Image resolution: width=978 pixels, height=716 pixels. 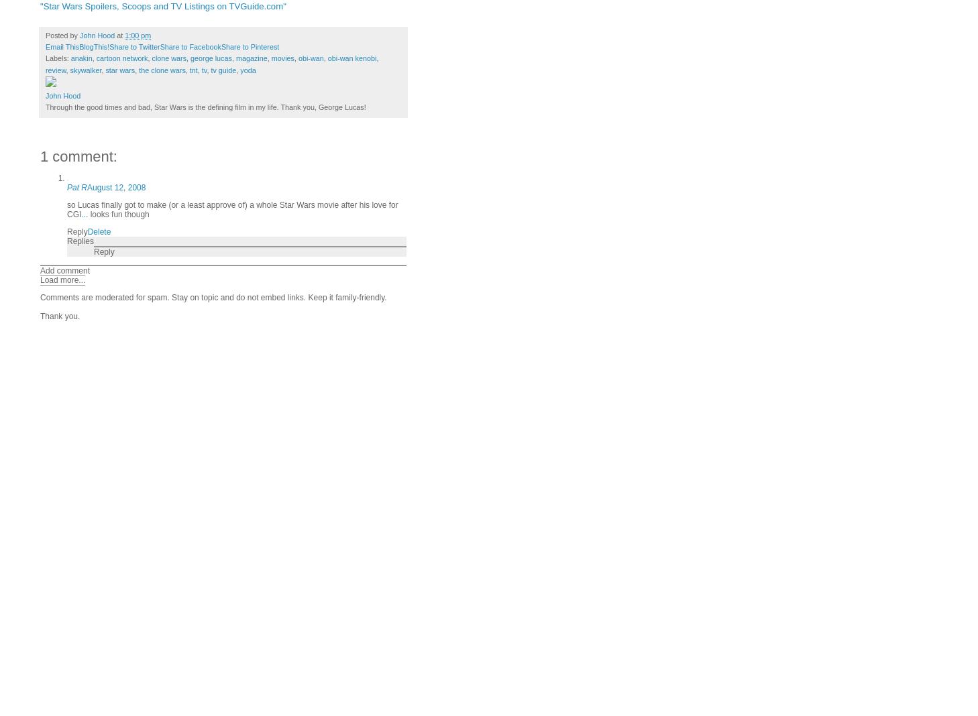 What do you see at coordinates (120, 34) in the screenshot?
I see `'at'` at bounding box center [120, 34].